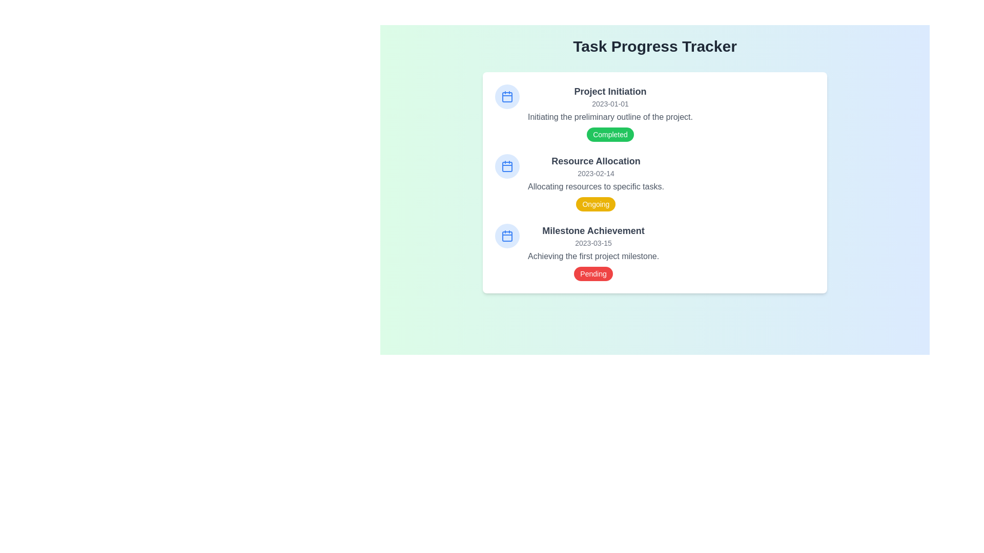  I want to click on the calendar icon represented by the SVG rectangle, which serves as the main body of the calendar, so click(507, 166).